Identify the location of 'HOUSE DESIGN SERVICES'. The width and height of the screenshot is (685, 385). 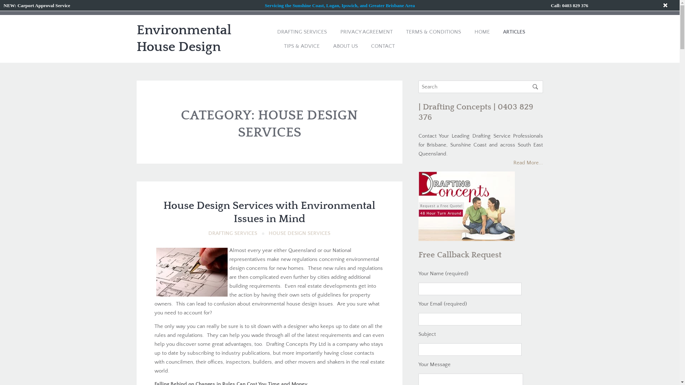
(299, 233).